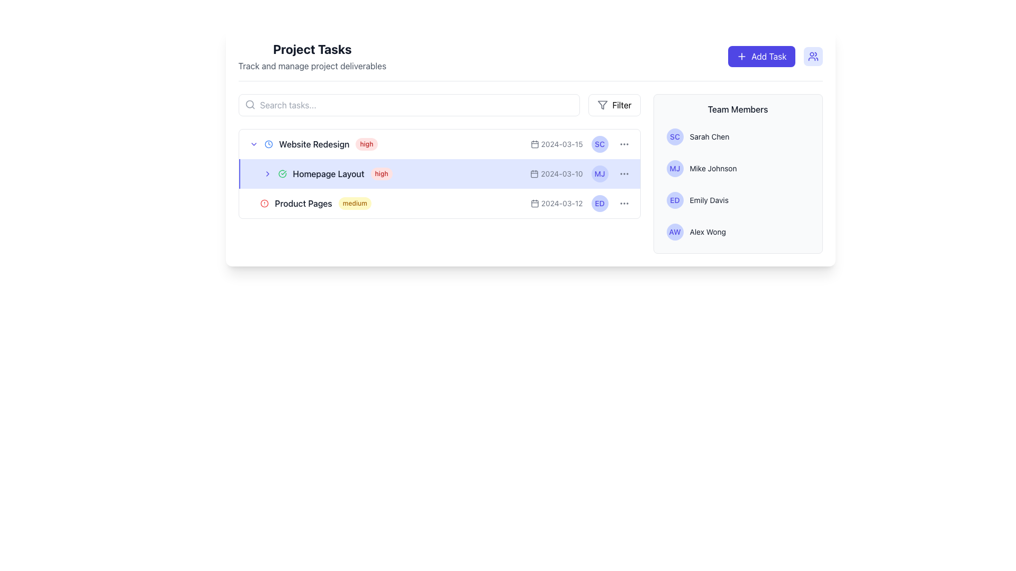 This screenshot has width=1016, height=571. Describe the element at coordinates (253, 144) in the screenshot. I see `the downward-pointing indigo chevron icon located in the left portion of the 'Homepage Layout' row` at that location.